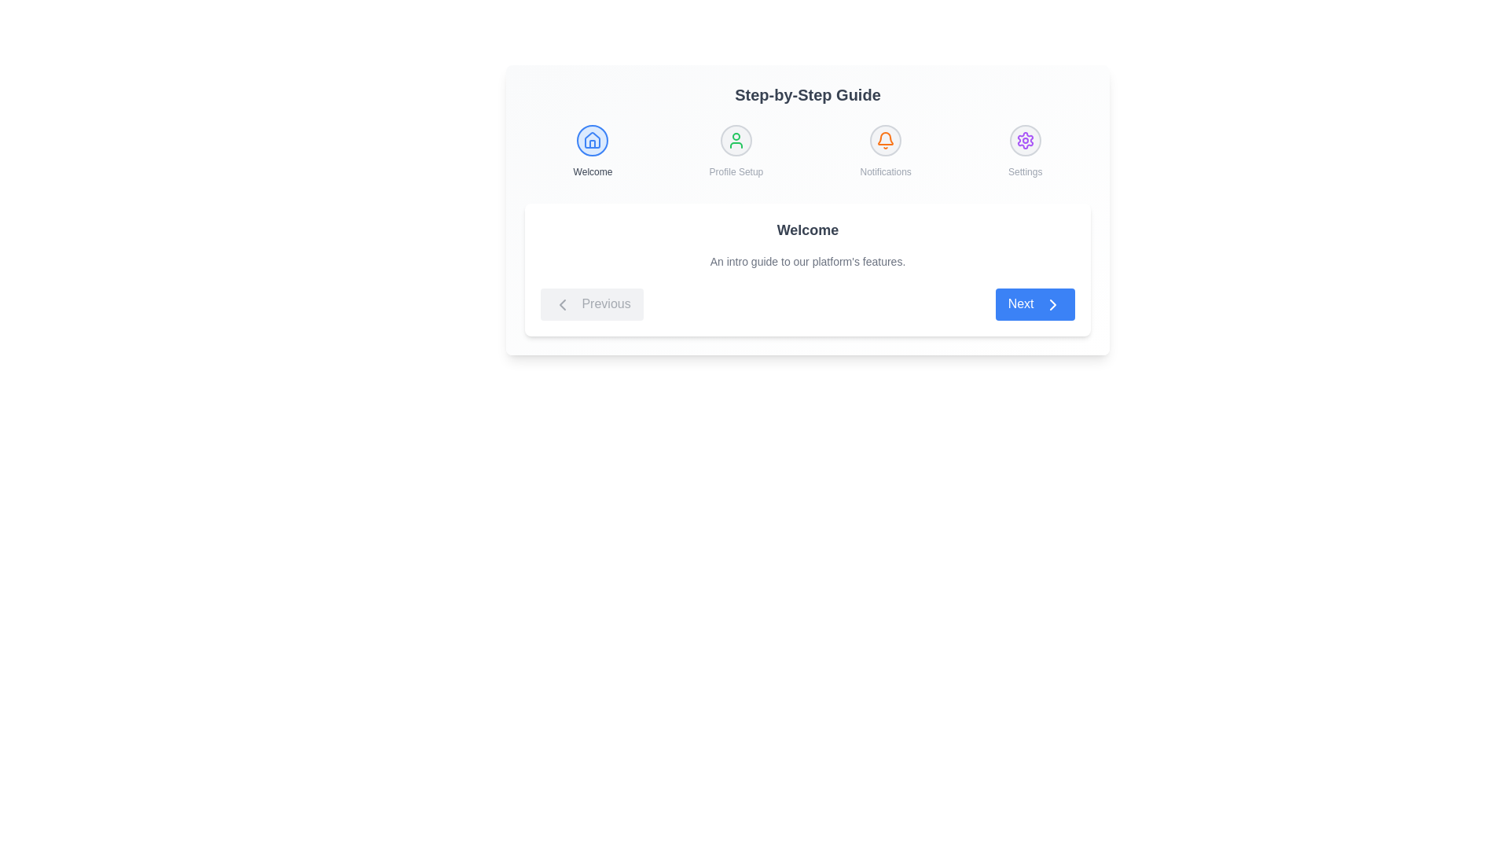 The height and width of the screenshot is (849, 1509). What do you see at coordinates (1035, 304) in the screenshot?
I see `the 'Next' button styled with a blue background and white text, which includes a right-pointing chevron icon` at bounding box center [1035, 304].